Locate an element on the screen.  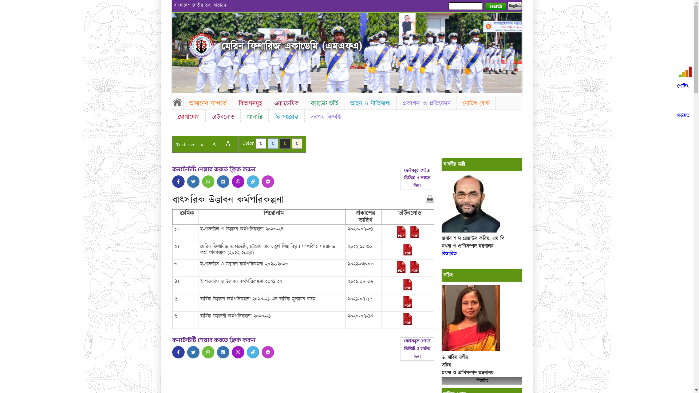
'Home' is located at coordinates (177, 102).